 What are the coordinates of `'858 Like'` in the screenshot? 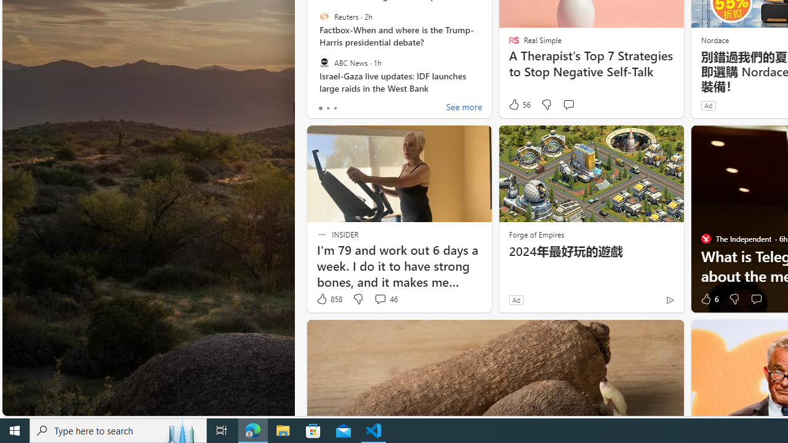 It's located at (329, 299).